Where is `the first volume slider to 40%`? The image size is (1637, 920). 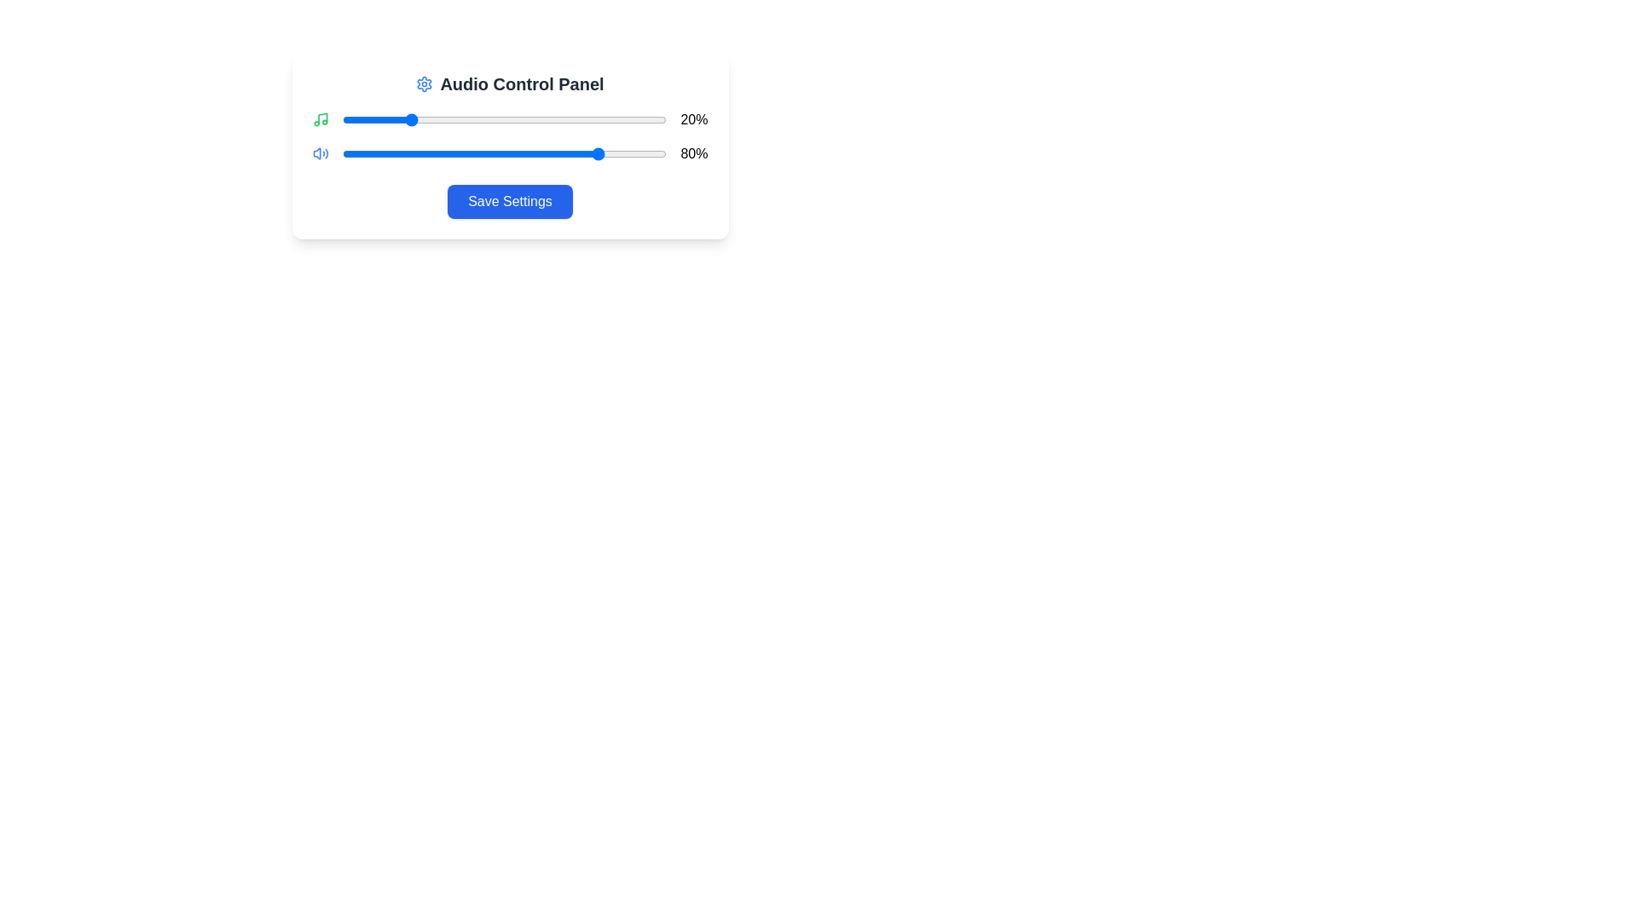 the first volume slider to 40% is located at coordinates (472, 119).